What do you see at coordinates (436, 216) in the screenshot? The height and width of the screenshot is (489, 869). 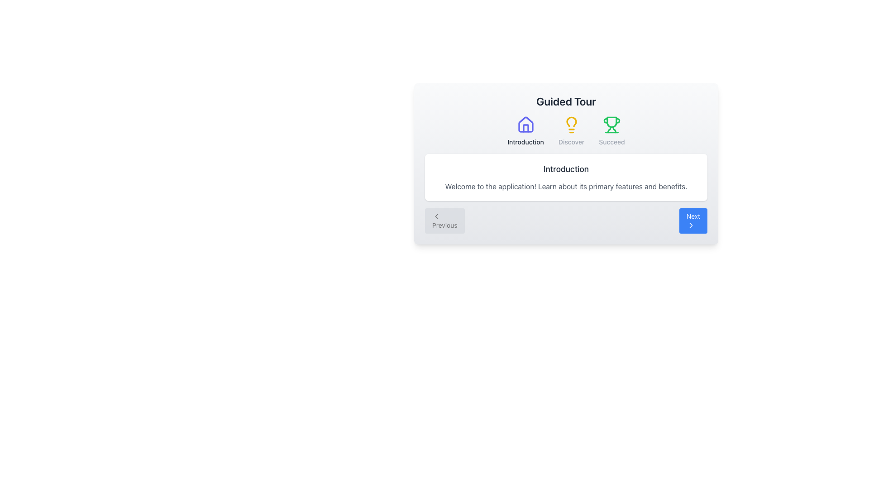 I see `the minimalistic, left-pointing chevron icon enclosed within a square button labeled 'Previous' located in the bottom-left quadrant of the interface` at bounding box center [436, 216].